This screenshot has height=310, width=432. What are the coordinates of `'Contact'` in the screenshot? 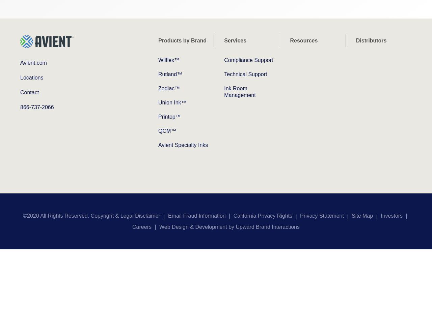 It's located at (29, 92).